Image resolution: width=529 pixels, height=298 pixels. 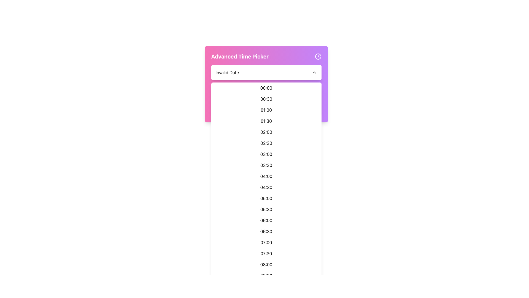 I want to click on the list item displaying '06:00', so click(x=266, y=220).